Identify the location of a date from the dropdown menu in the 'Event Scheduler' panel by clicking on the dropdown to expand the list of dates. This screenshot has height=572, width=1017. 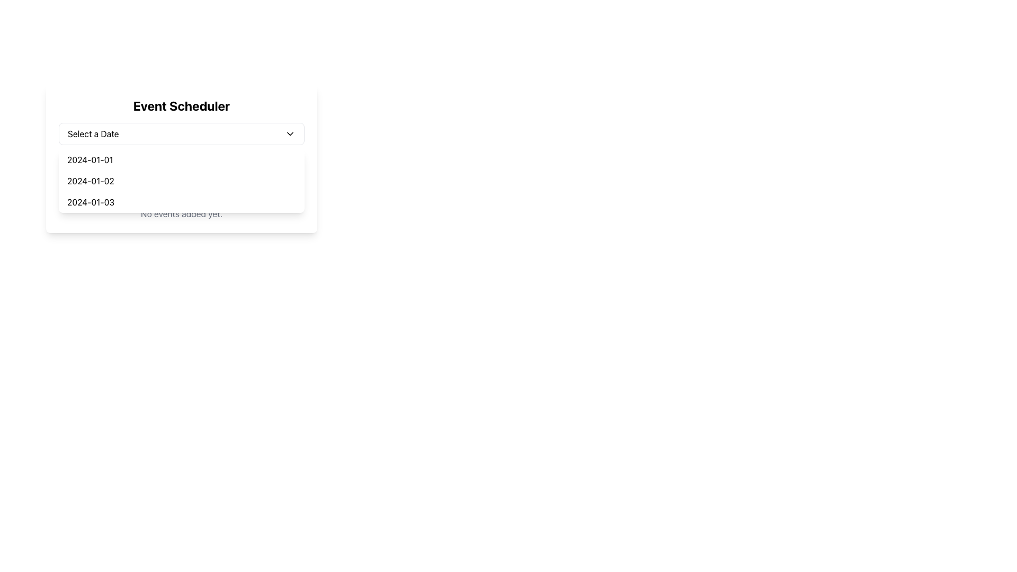
(181, 133).